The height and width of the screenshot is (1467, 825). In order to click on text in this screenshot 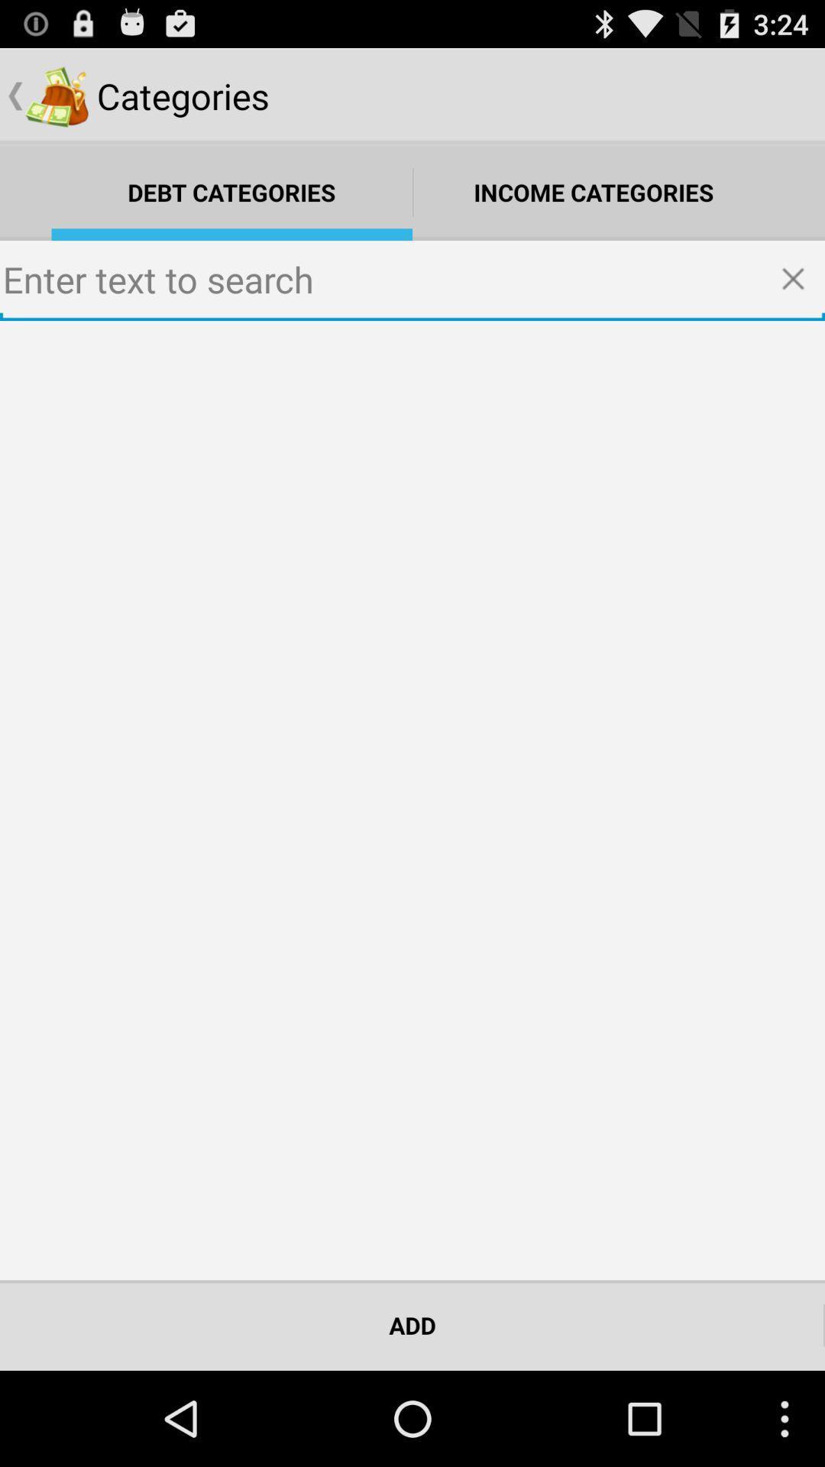, I will do `click(412, 280)`.